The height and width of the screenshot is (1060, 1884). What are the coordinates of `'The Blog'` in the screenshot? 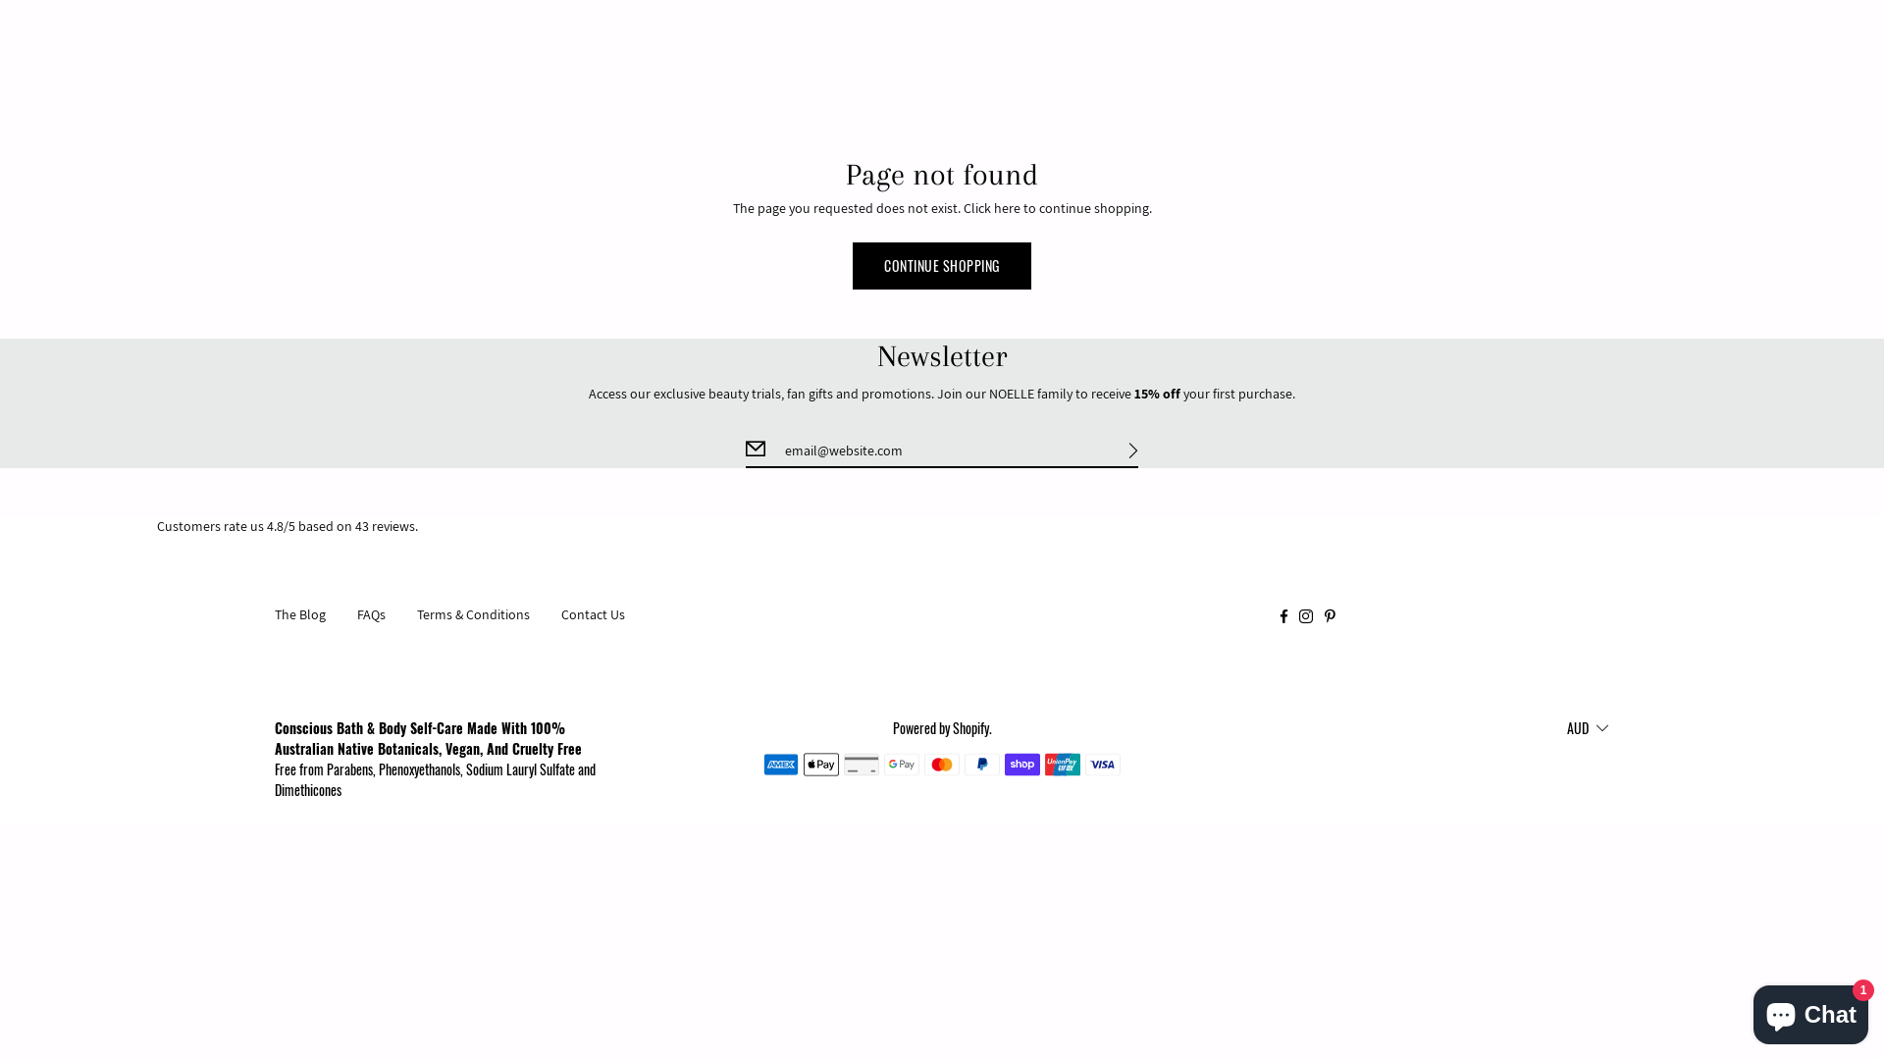 It's located at (299, 612).